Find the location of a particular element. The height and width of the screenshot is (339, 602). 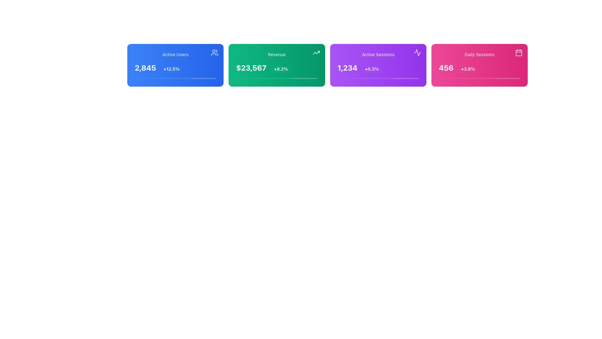

the upward trending line or arrow symbol located in the top-right corner of the green 'Revenue' card, indicating positive growth is located at coordinates (316, 52).